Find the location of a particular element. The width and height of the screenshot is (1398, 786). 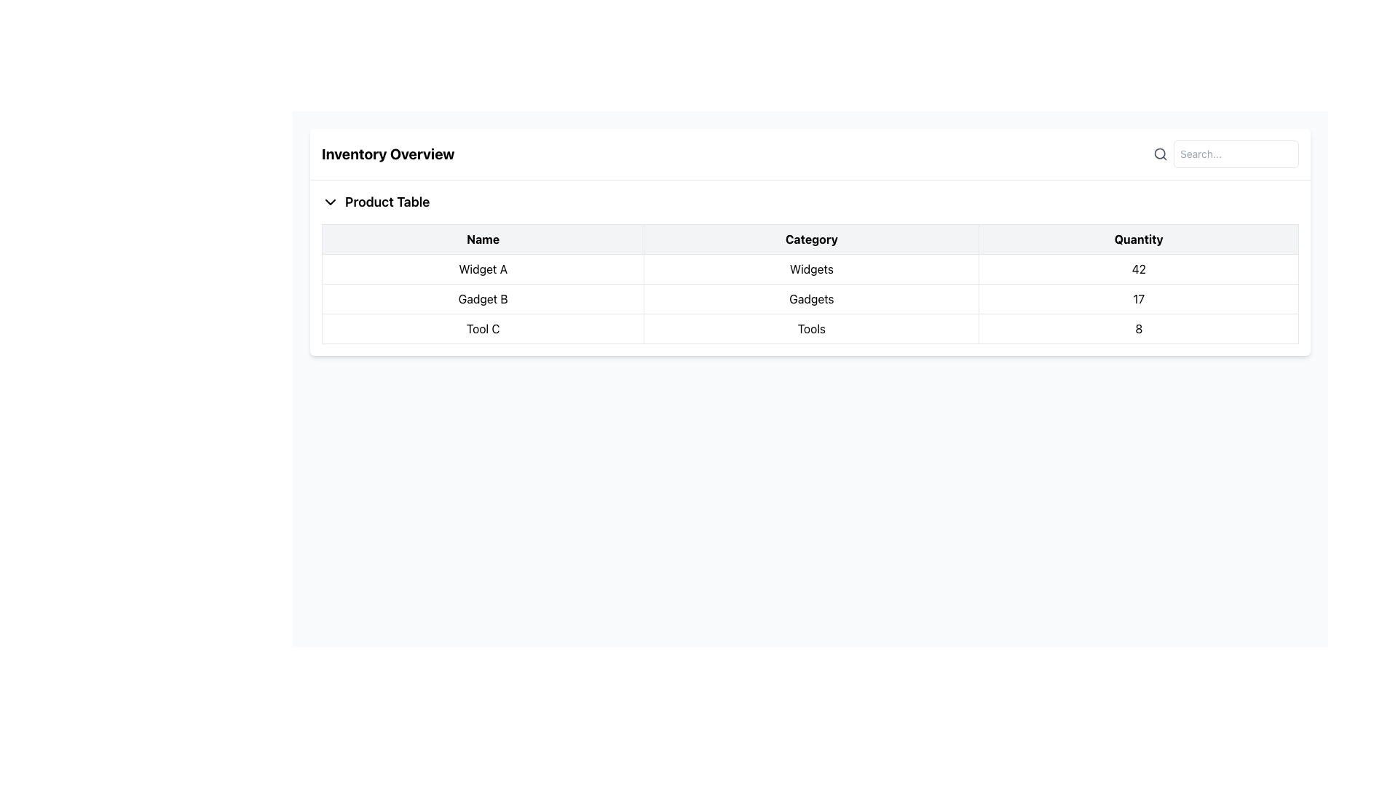

the Table Header Cell that indicates the column for item names, located in the upper-left region of the table, to the left of the headers 'Category' and 'Quantity' is located at coordinates (483, 238).